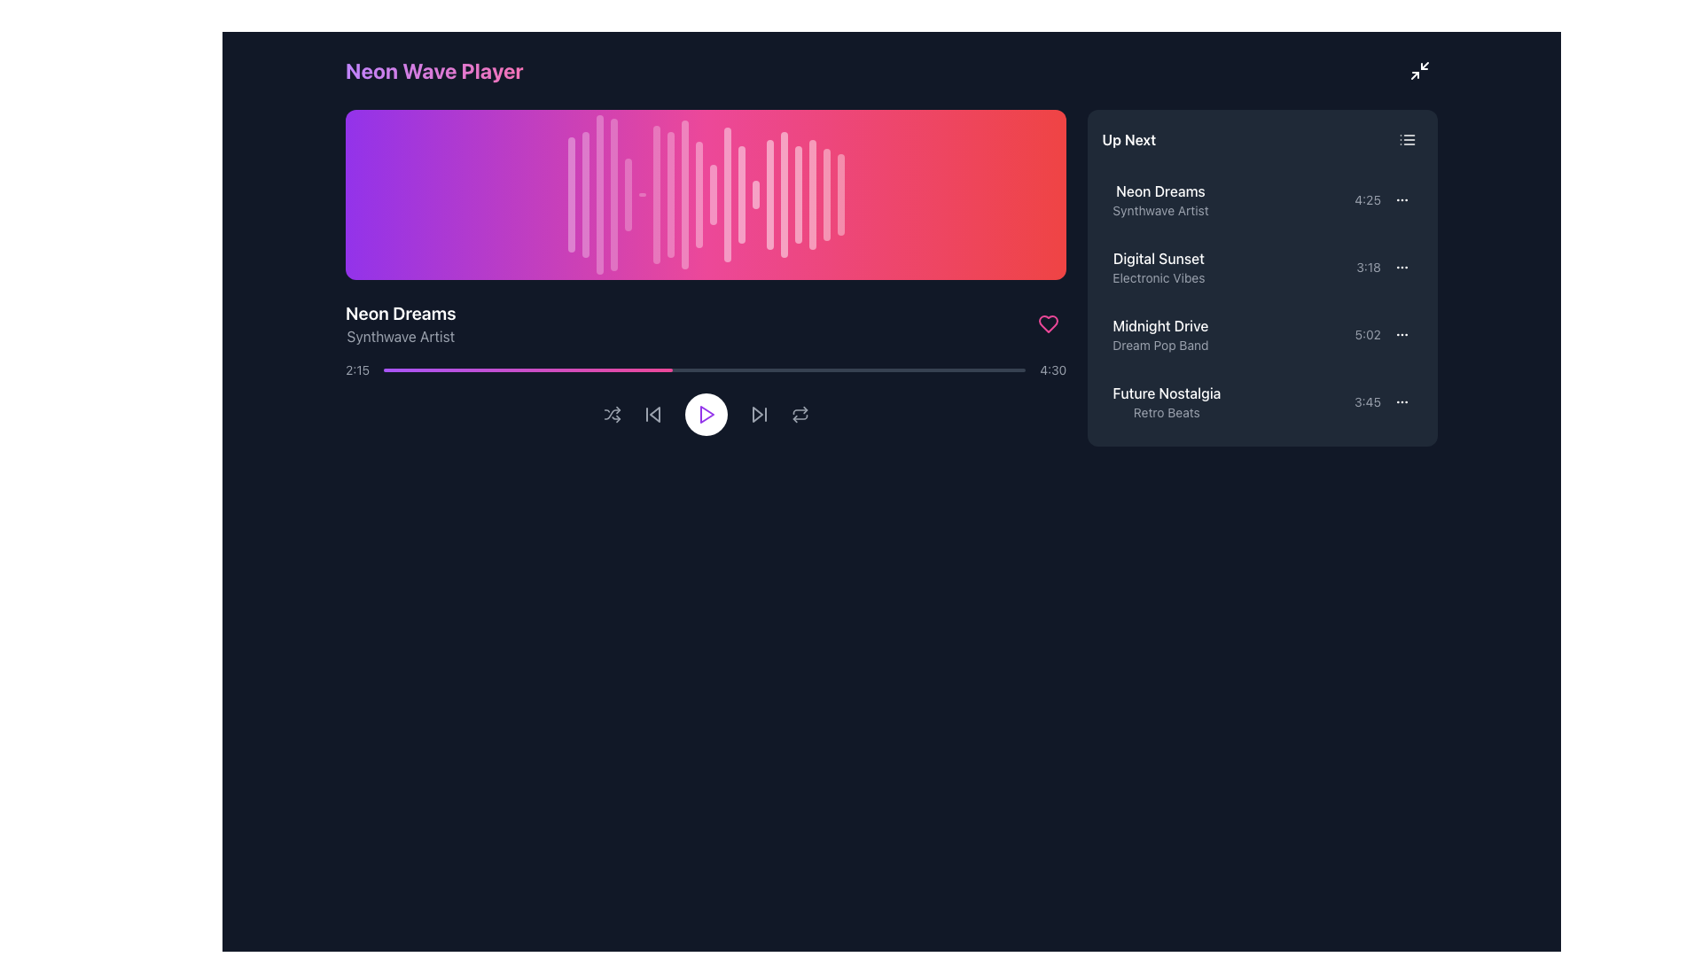  What do you see at coordinates (1420, 70) in the screenshot?
I see `the small icon button in the top-right corner, featuring intersecting lines resembling arrows` at bounding box center [1420, 70].